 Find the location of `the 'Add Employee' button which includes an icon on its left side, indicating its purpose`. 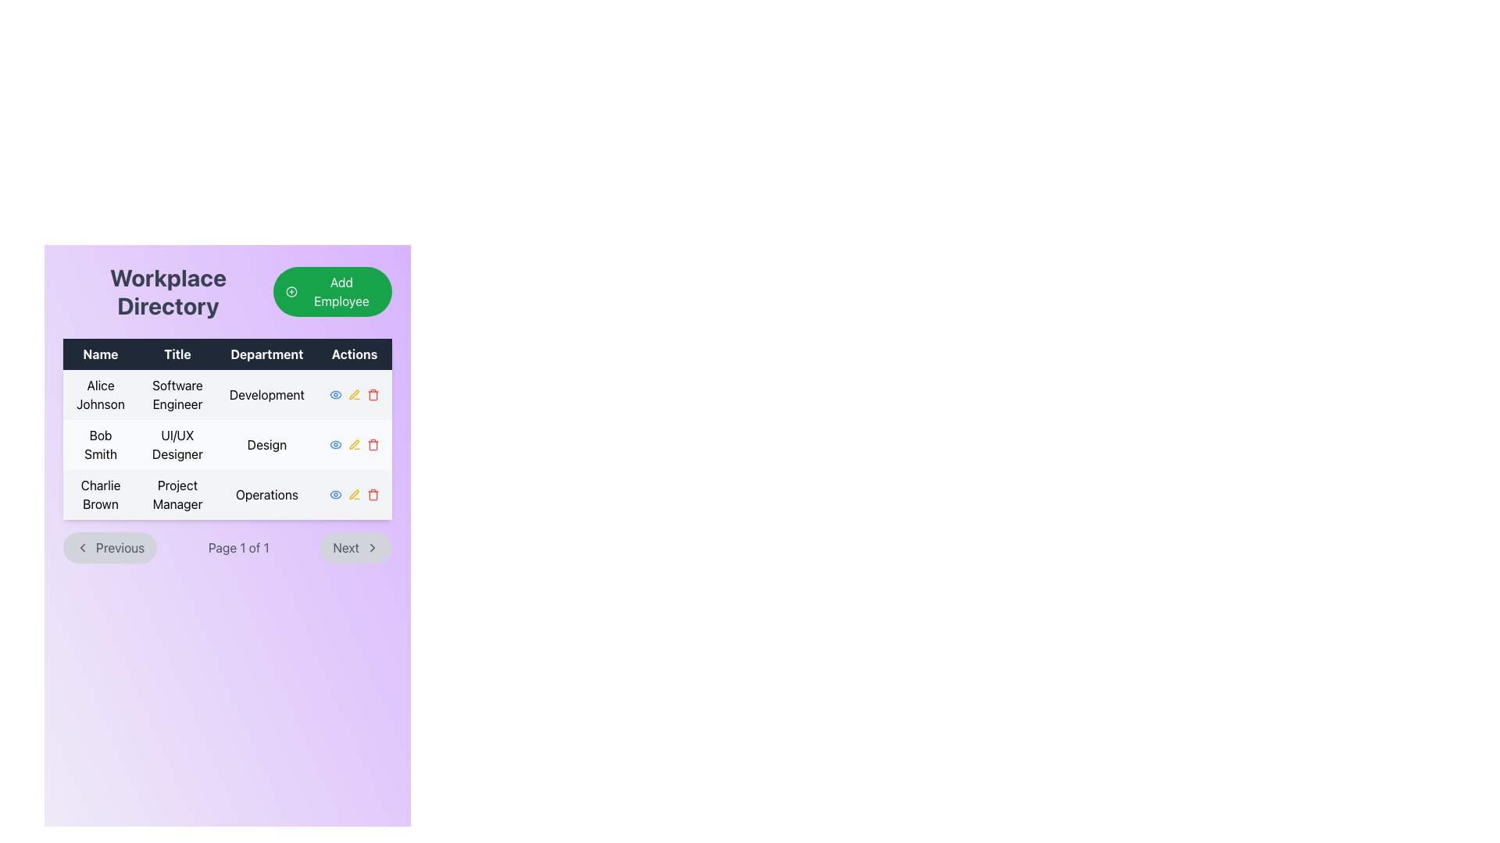

the 'Add Employee' button which includes an icon on its left side, indicating its purpose is located at coordinates (291, 292).